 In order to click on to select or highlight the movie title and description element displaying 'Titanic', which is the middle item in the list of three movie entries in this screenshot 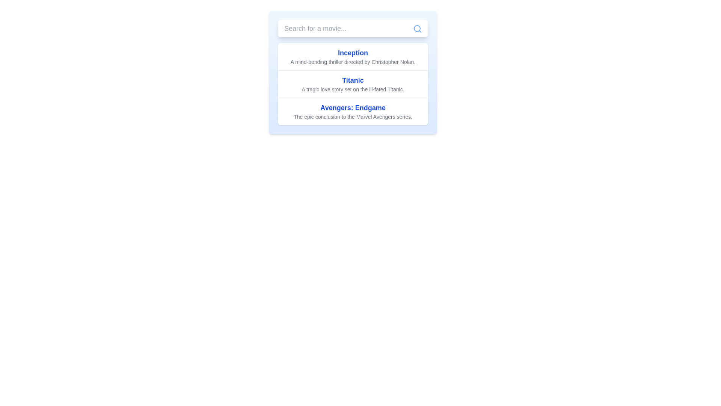, I will do `click(353, 84)`.